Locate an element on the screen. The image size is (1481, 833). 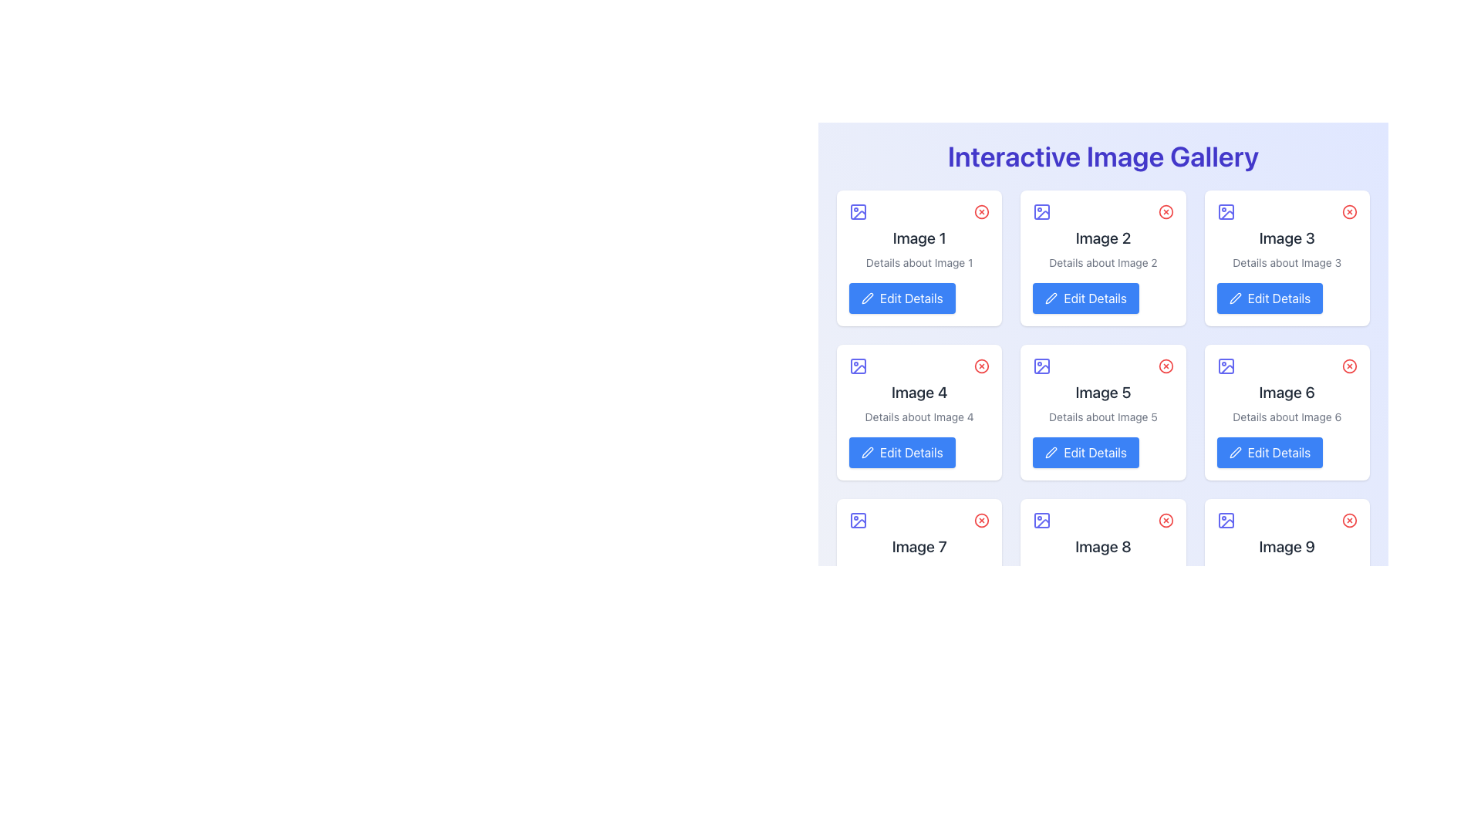
the Text label indicating 'Image 3' located at the top-center of the third card in a three-column grid layout is located at coordinates (1287, 238).